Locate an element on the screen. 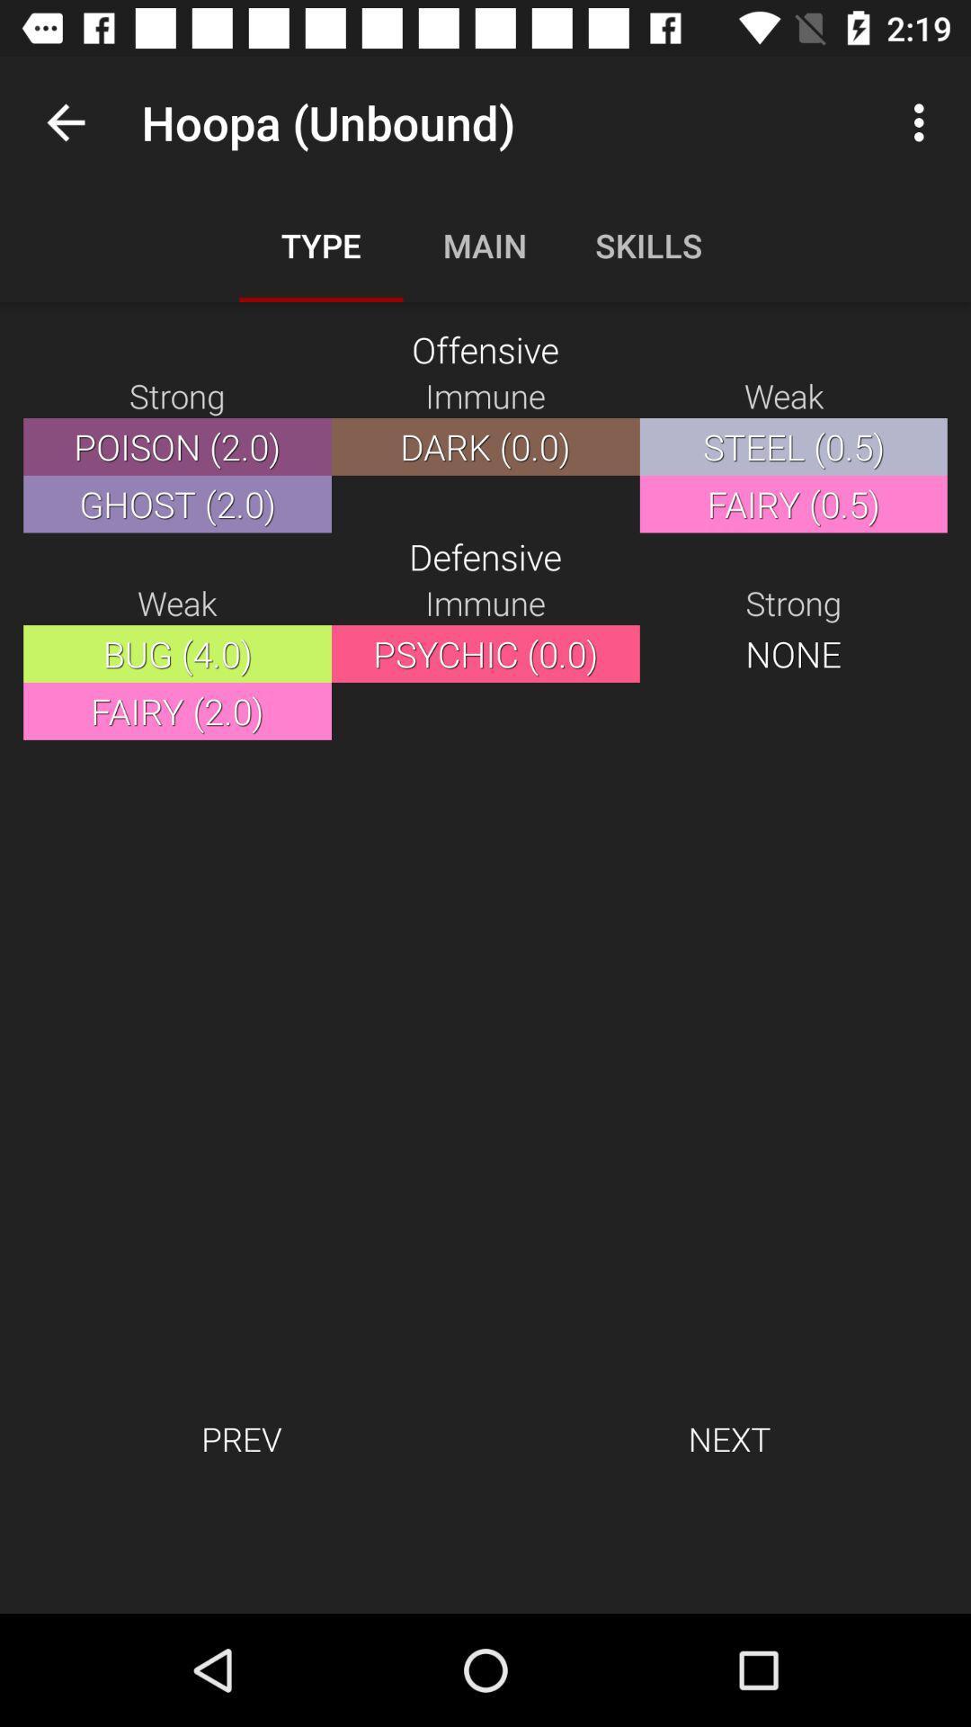 This screenshot has width=971, height=1727. item above strong icon is located at coordinates (65, 121).